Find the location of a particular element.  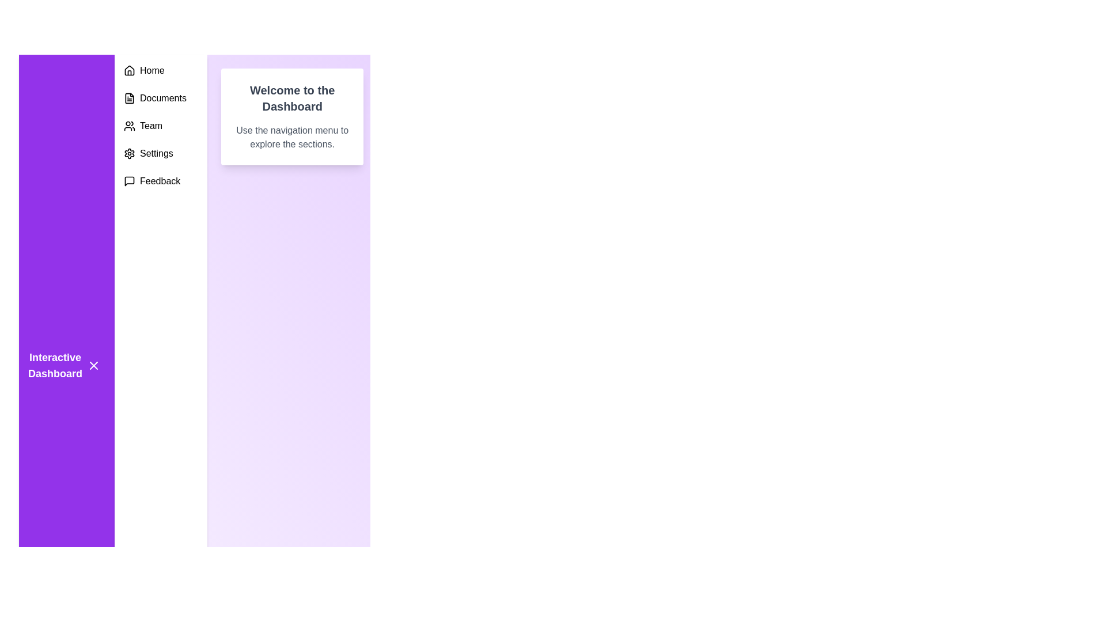

the small square icon button with a white 'X' symbol on a purple background is located at coordinates (94, 366).